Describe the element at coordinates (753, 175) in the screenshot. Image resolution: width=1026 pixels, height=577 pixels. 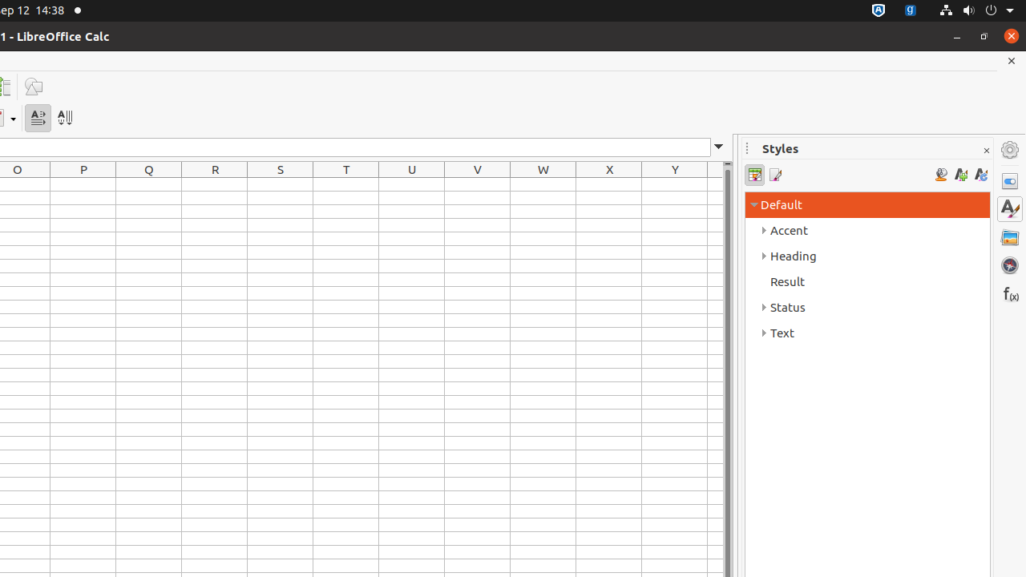
I see `'Cell Styles'` at that location.